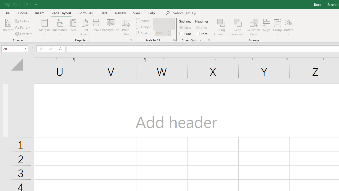 The image size is (339, 191). What do you see at coordinates (221, 27) in the screenshot?
I see `'Bring Forward'` at bounding box center [221, 27].